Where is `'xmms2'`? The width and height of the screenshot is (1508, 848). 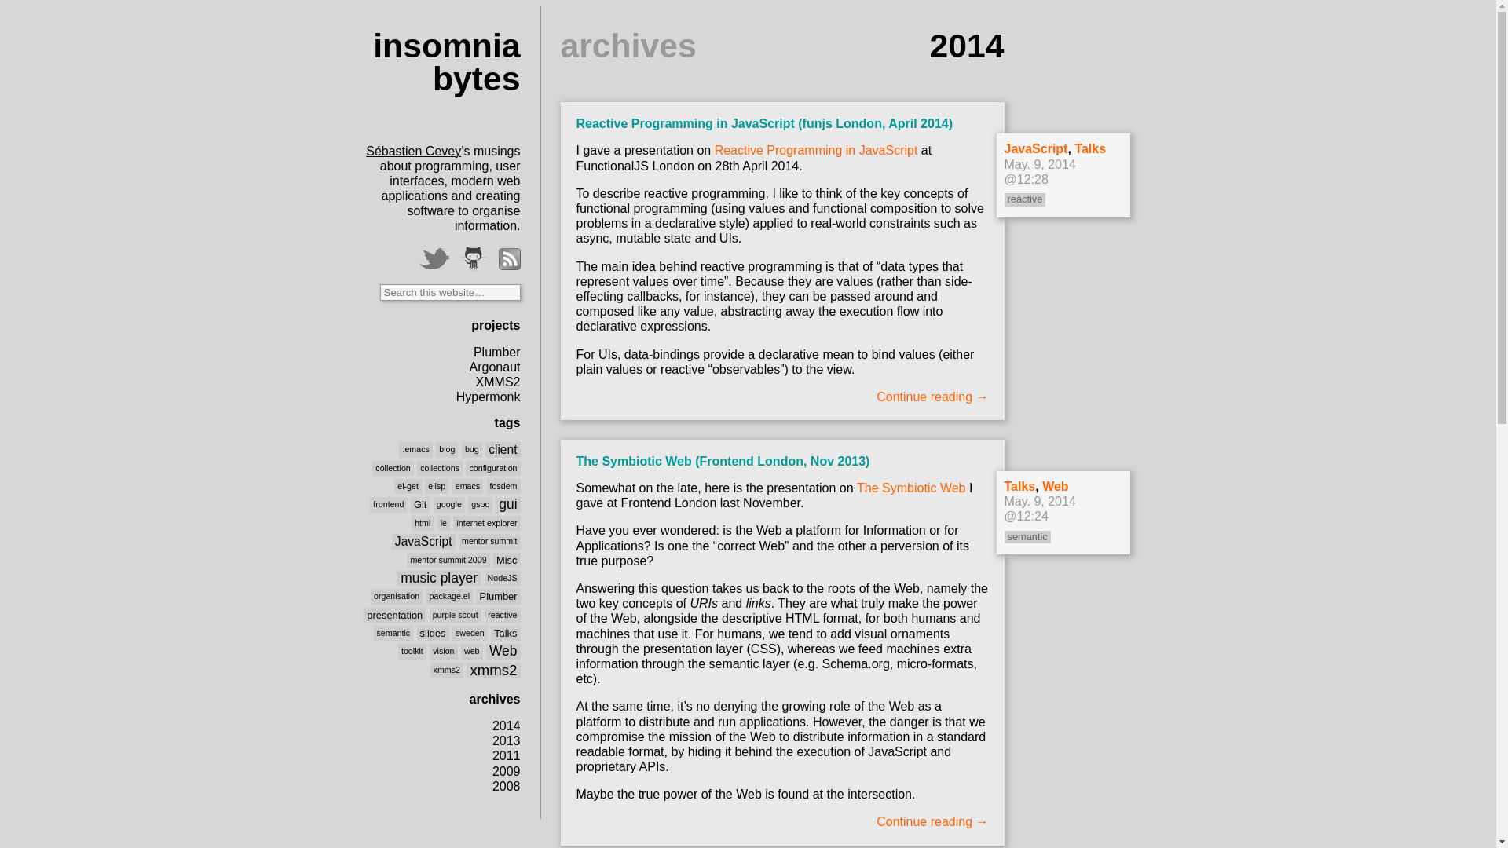
'xmms2' is located at coordinates (446, 669).